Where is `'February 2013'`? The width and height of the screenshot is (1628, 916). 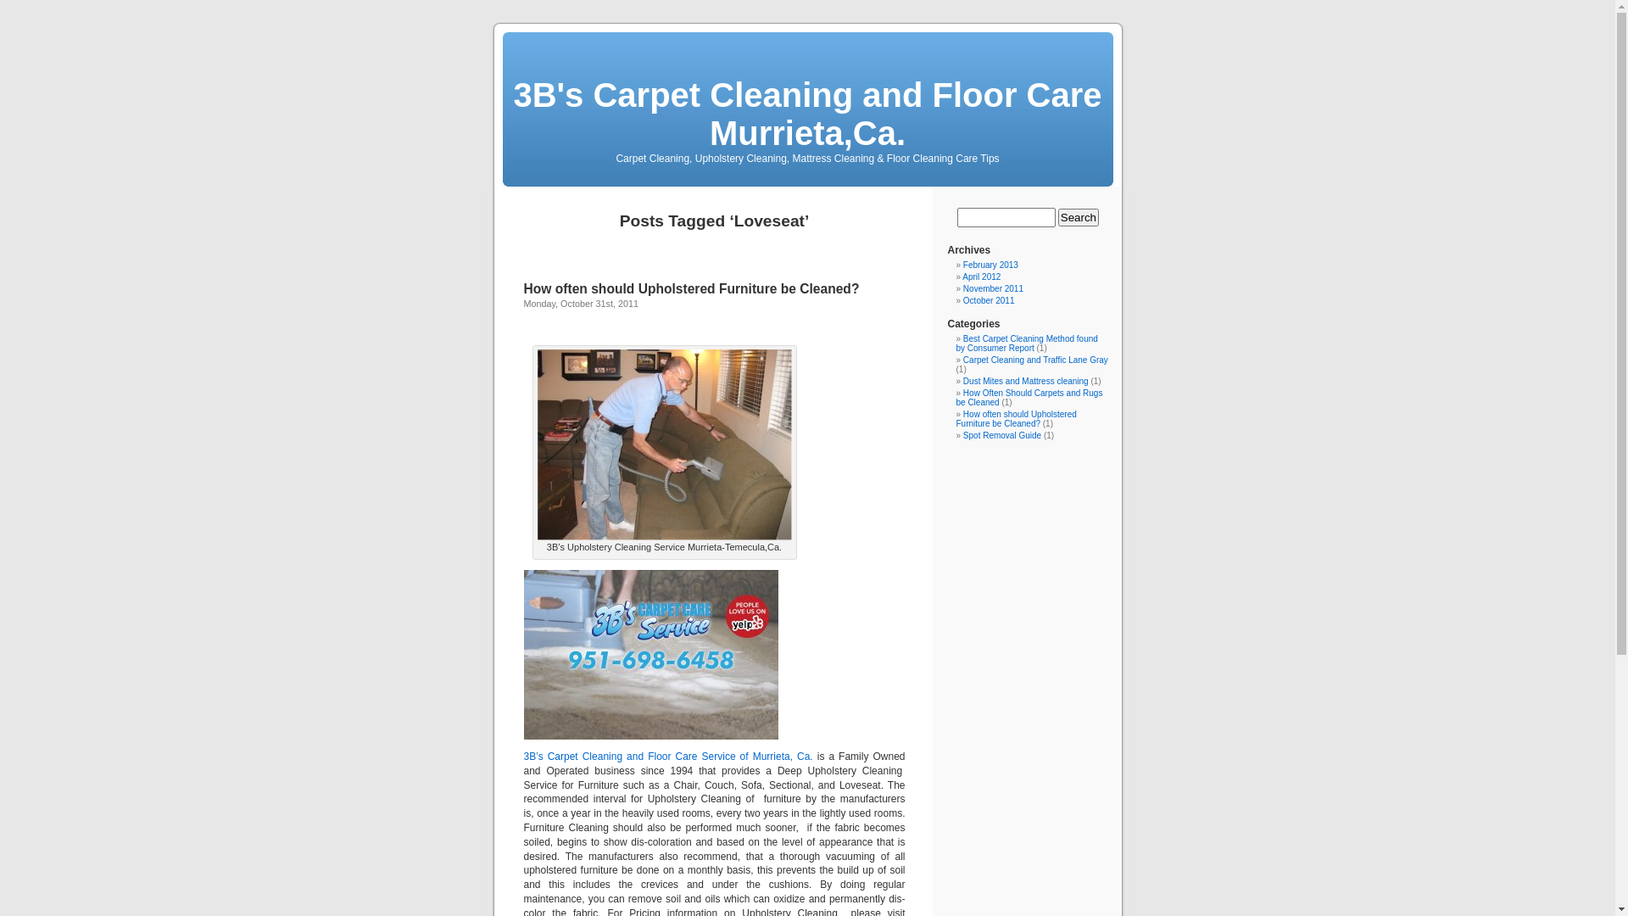
'February 2013' is located at coordinates (963, 265).